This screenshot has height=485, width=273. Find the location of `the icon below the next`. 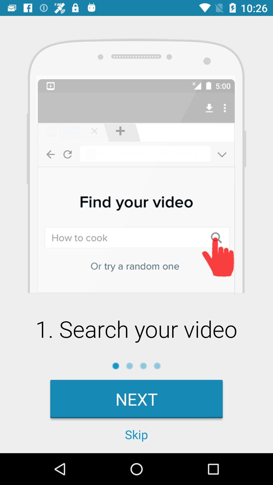

the icon below the next is located at coordinates (136, 434).